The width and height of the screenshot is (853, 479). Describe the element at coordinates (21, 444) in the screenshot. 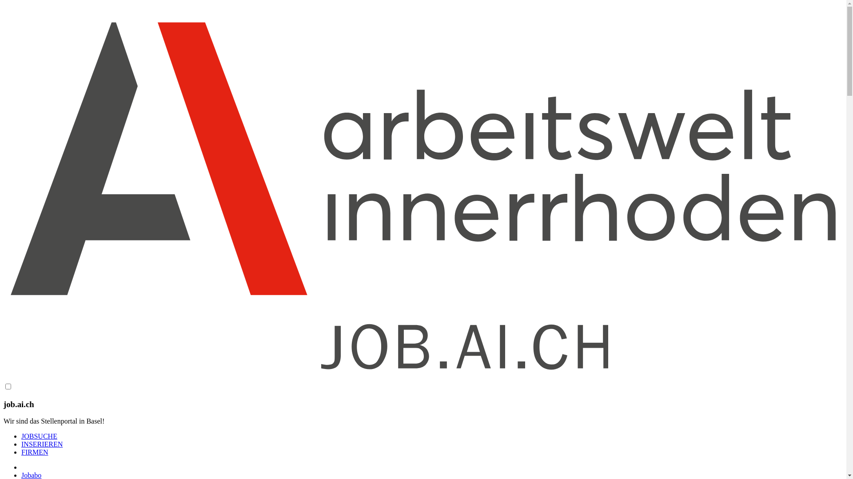

I see `'INSERIEREN'` at that location.